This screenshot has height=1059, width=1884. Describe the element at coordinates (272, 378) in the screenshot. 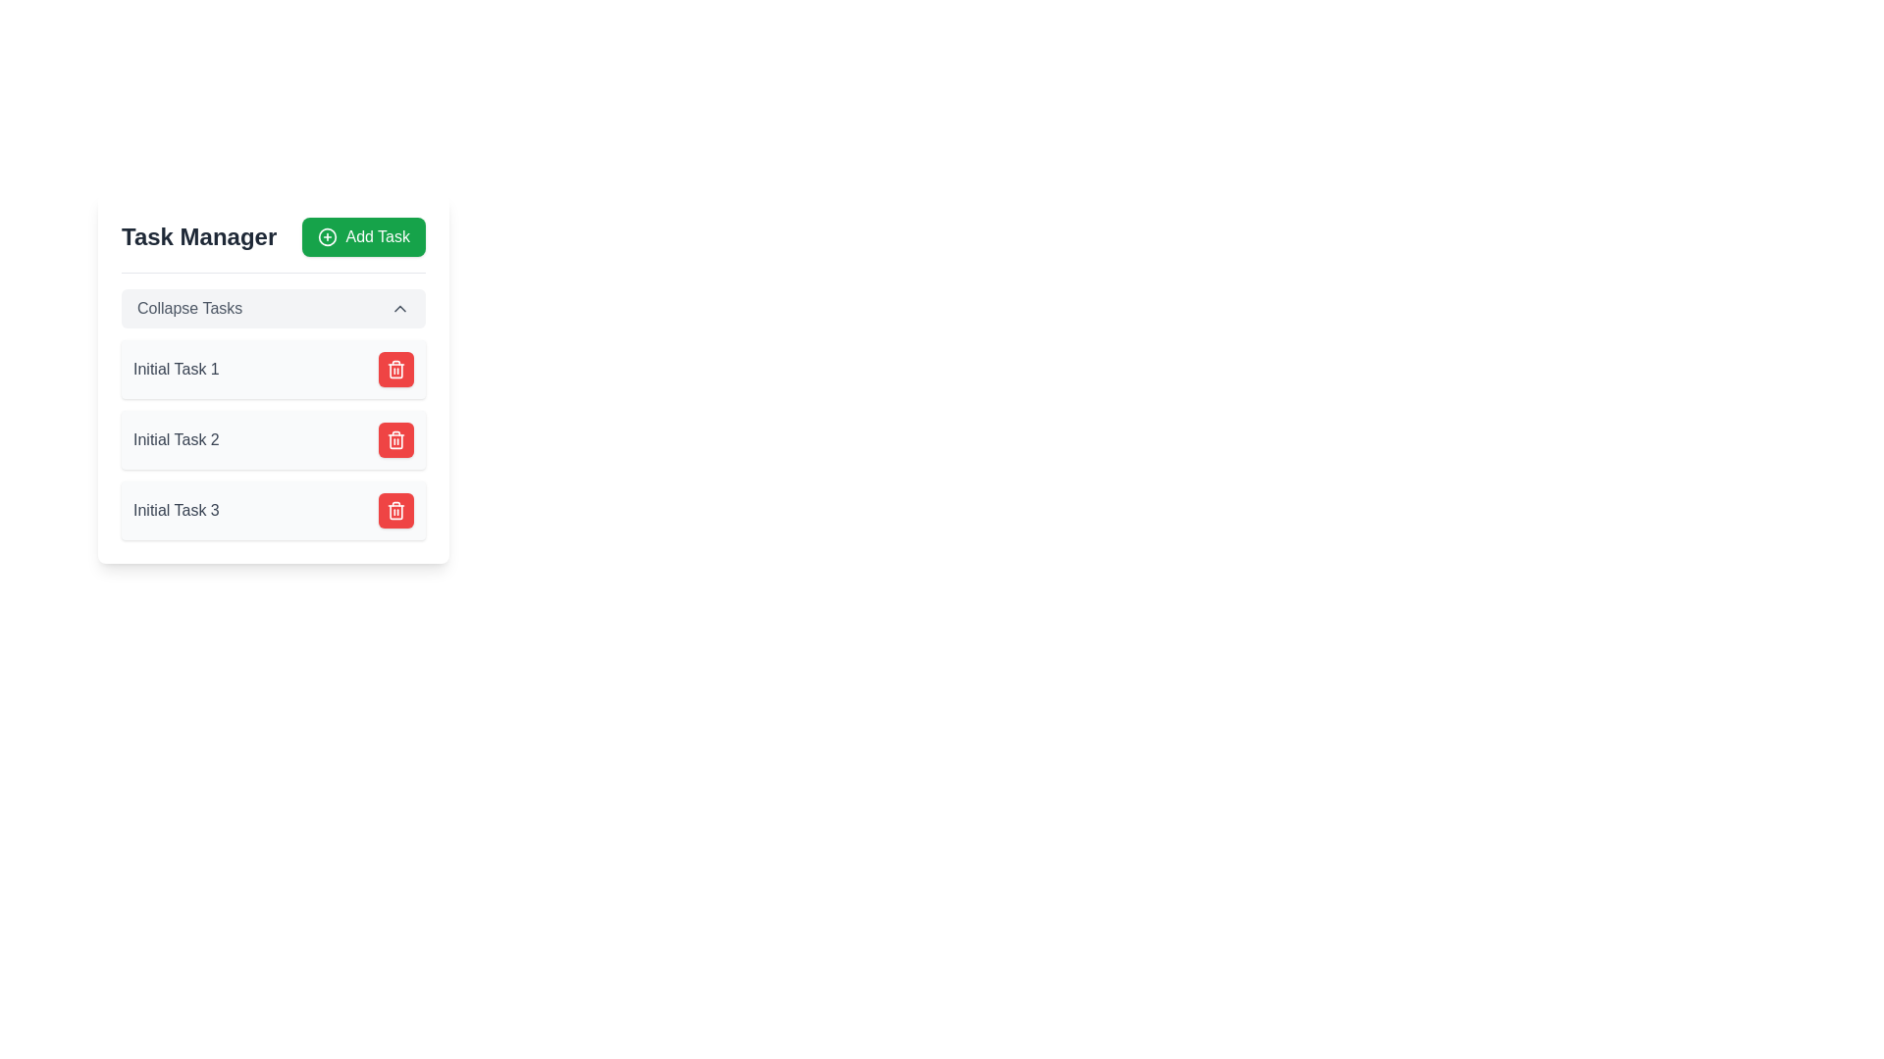

I see `the first task item` at that location.